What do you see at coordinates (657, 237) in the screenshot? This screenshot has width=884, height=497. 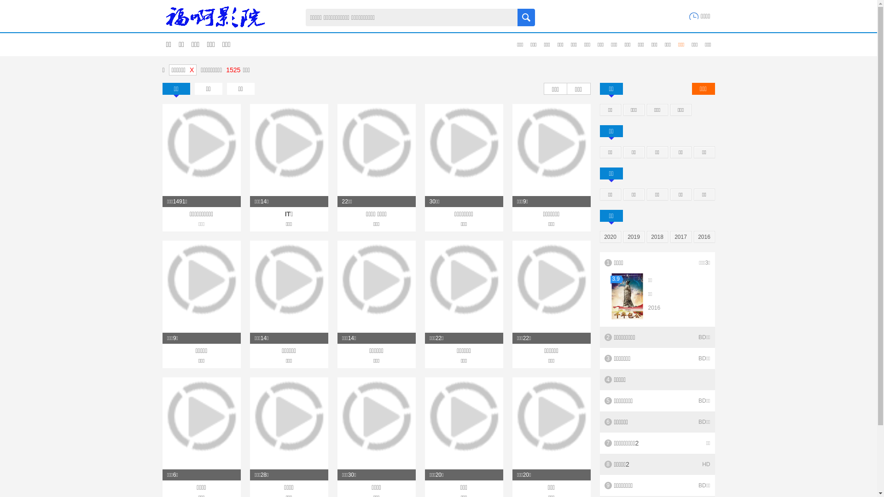 I see `'2018'` at bounding box center [657, 237].